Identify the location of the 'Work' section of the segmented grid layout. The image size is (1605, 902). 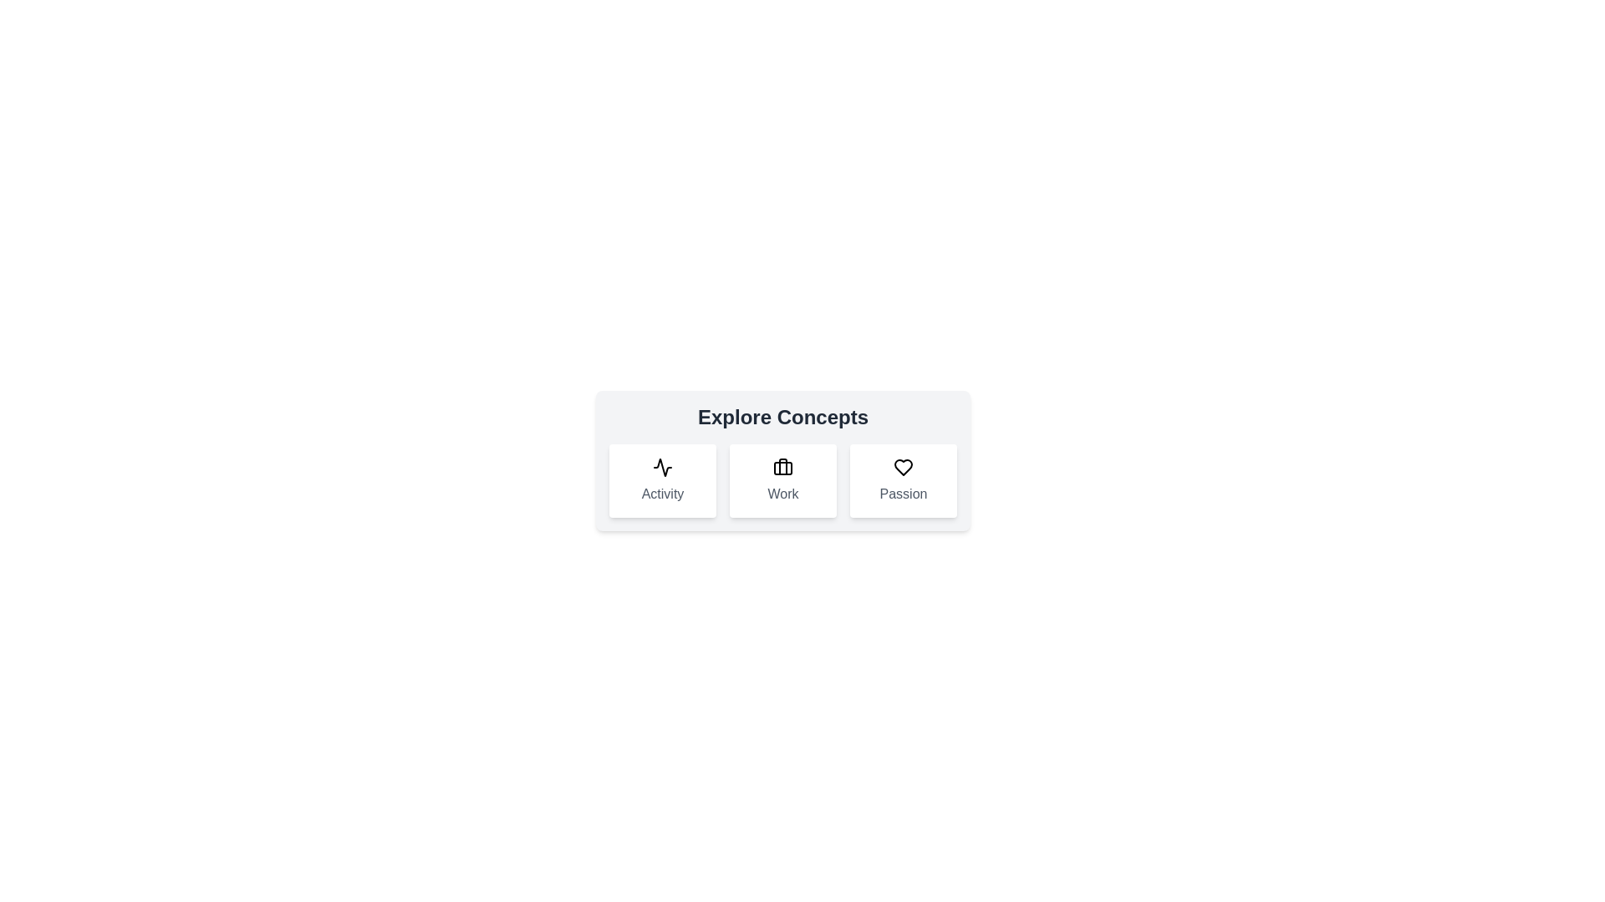
(782, 480).